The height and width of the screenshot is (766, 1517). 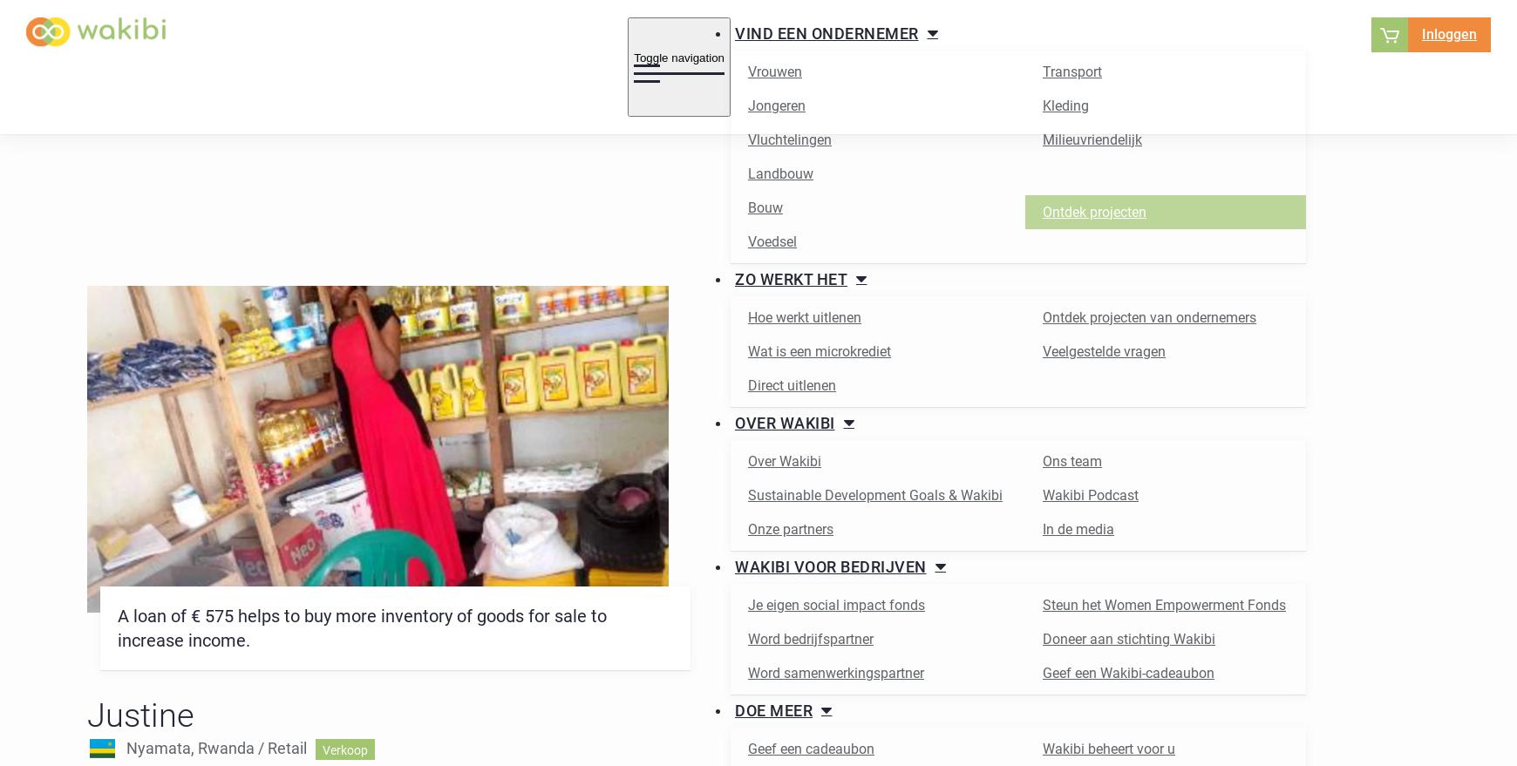 I want to click on 'Doe meer', so click(x=772, y=709).